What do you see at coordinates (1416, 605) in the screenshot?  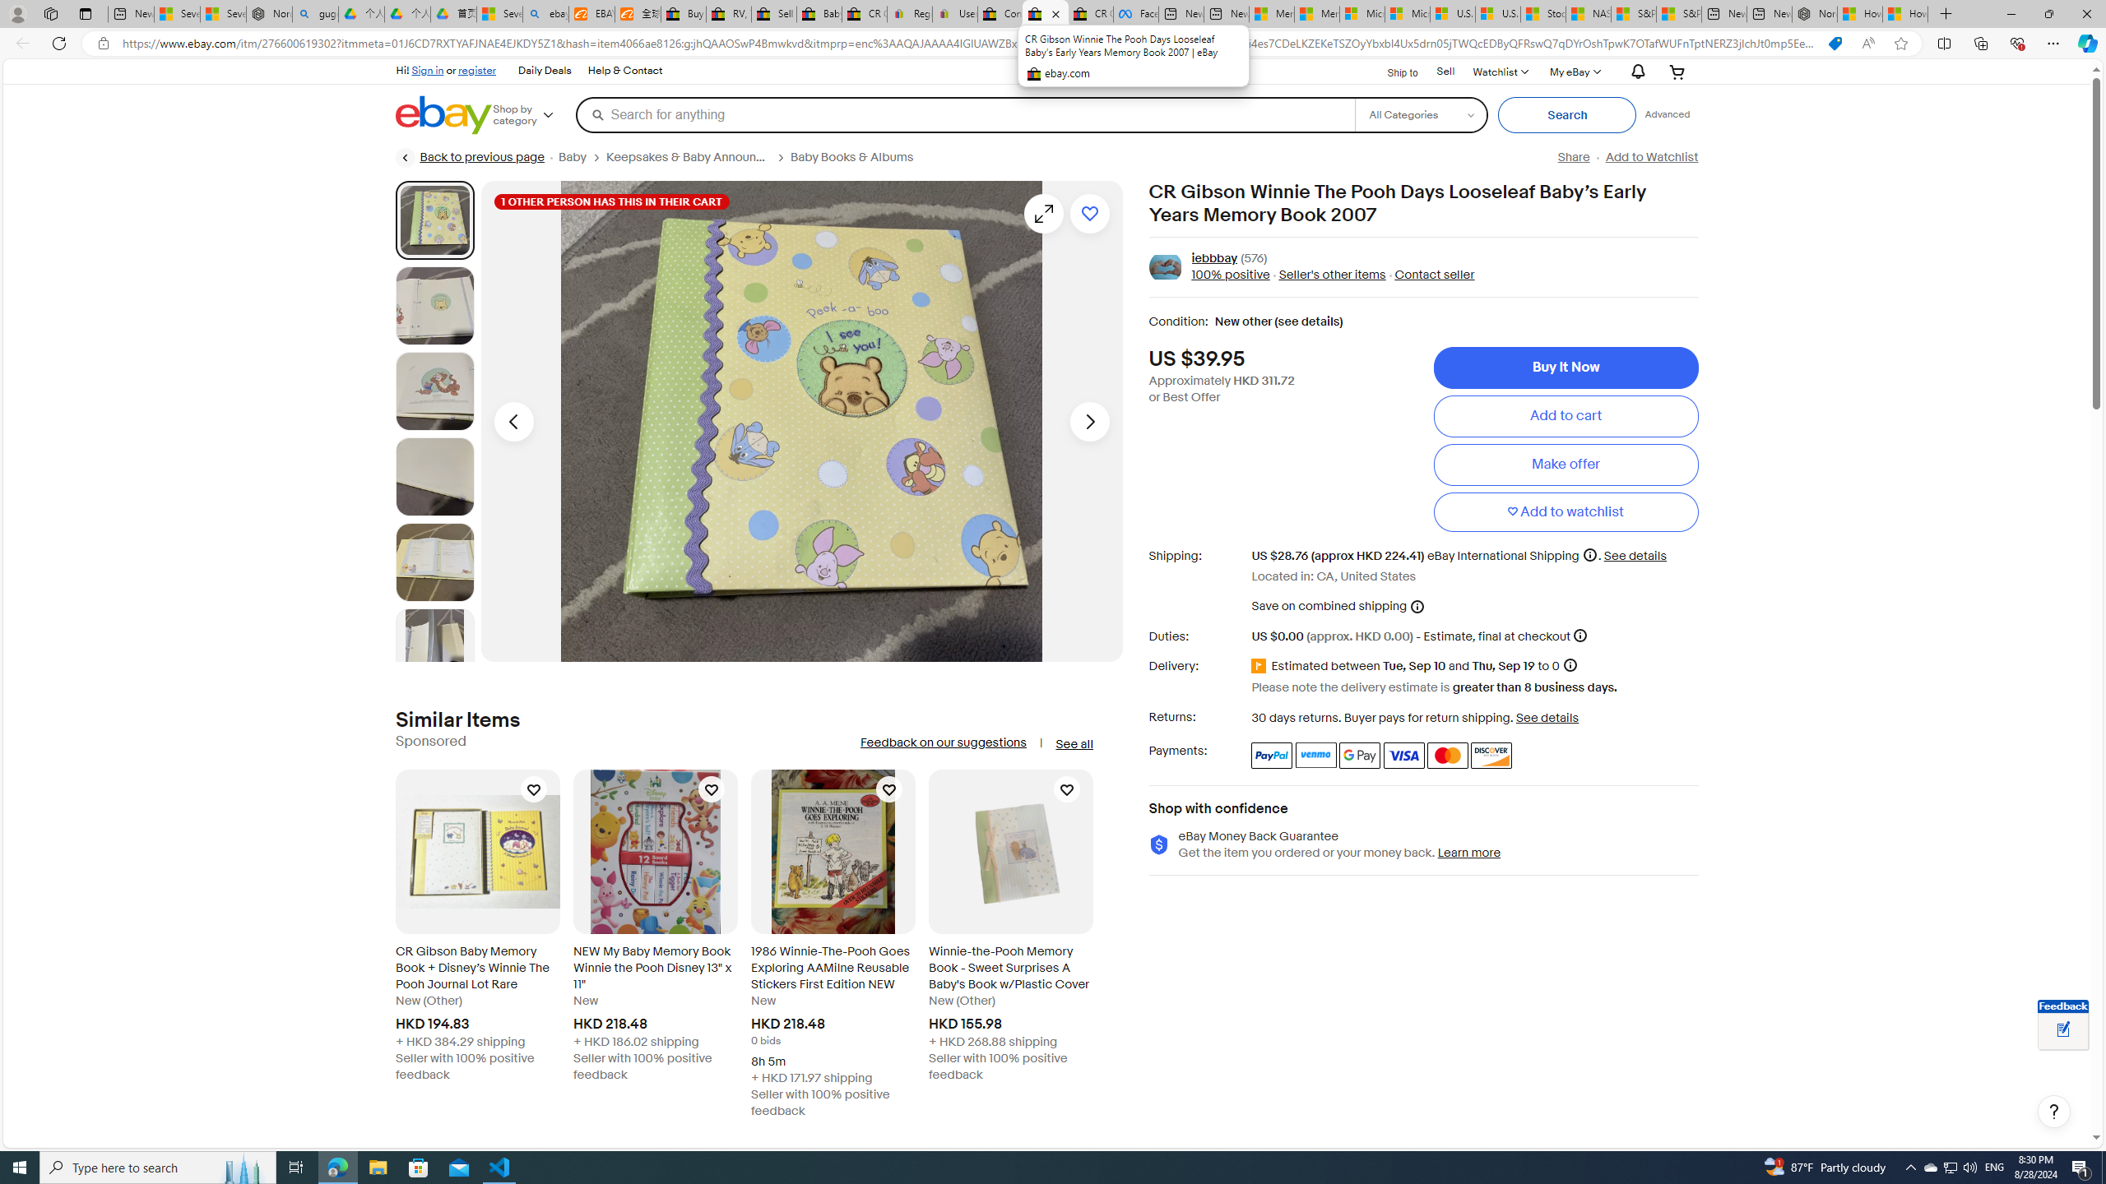 I see `'More information on Combined Shipping. Opens a layer.'` at bounding box center [1416, 605].